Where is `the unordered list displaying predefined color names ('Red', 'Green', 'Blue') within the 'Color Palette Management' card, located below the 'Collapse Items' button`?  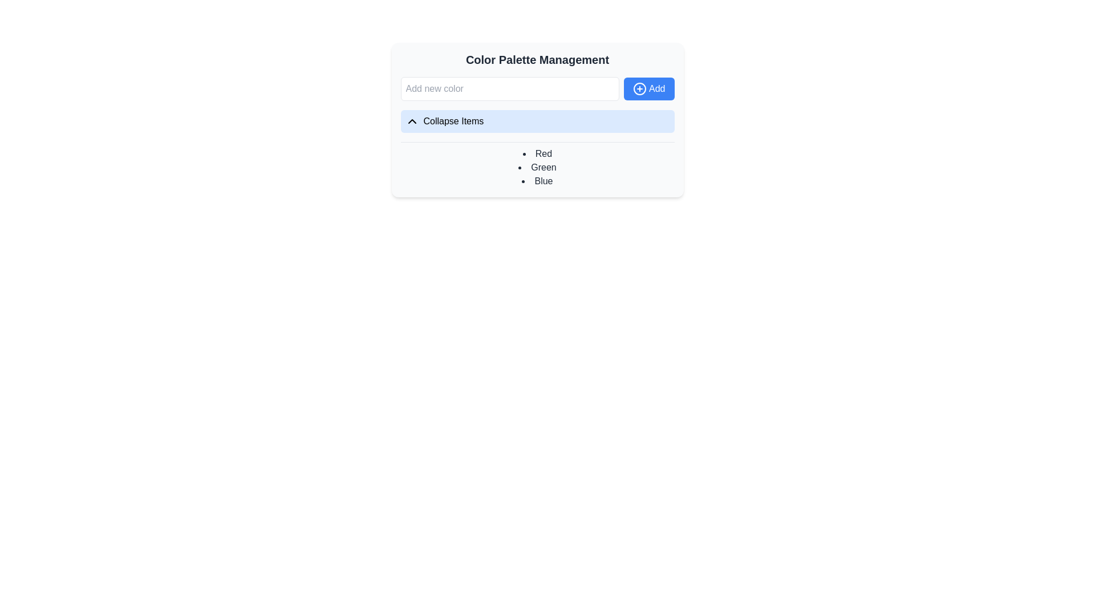 the unordered list displaying predefined color names ('Red', 'Green', 'Blue') within the 'Color Palette Management' card, located below the 'Collapse Items' button is located at coordinates (537, 165).